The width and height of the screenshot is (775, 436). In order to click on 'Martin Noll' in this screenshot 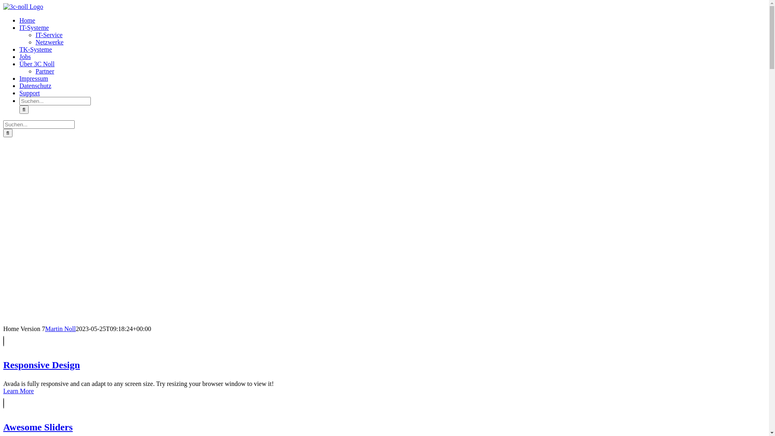, I will do `click(60, 329)`.